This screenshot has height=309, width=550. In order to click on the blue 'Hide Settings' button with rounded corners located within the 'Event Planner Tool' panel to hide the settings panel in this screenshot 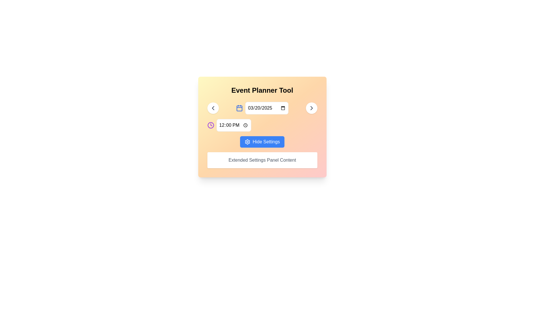, I will do `click(262, 142)`.